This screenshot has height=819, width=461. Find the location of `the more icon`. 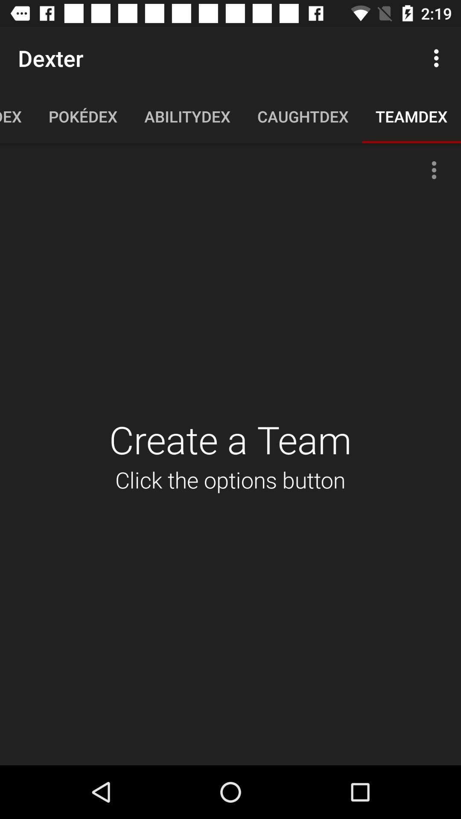

the more icon is located at coordinates (434, 170).